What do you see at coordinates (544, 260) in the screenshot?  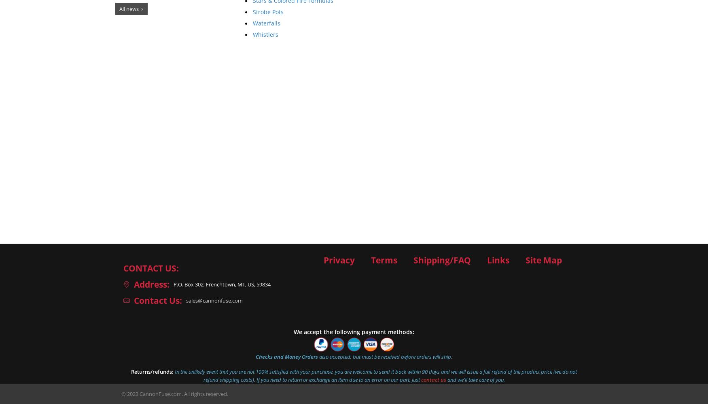 I see `'Site Map'` at bounding box center [544, 260].